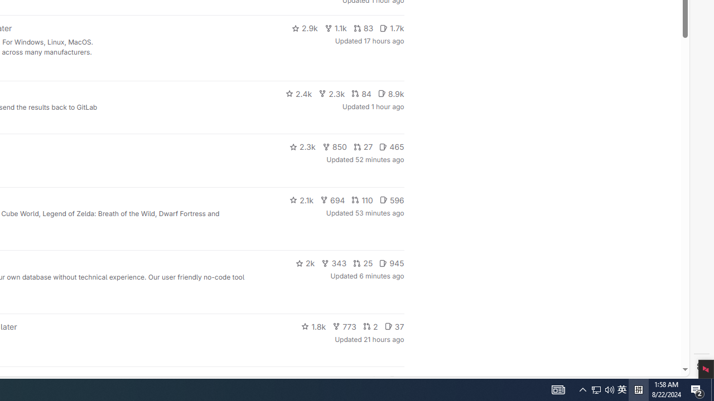 The height and width of the screenshot is (401, 714). What do you see at coordinates (392, 28) in the screenshot?
I see `'1.7k'` at bounding box center [392, 28].